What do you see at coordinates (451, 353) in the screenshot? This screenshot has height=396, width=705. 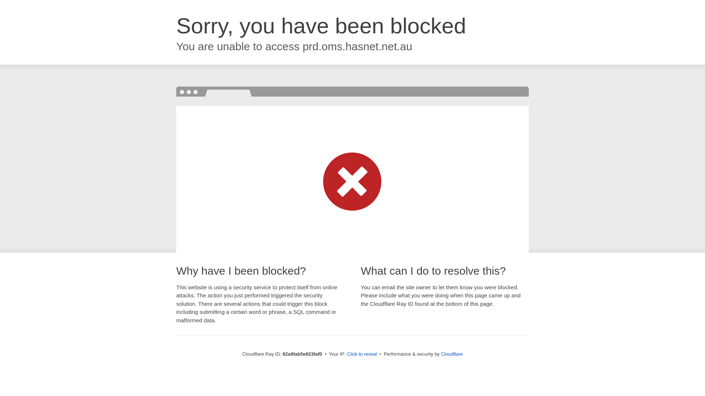 I see `'Cloudflare'` at bounding box center [451, 353].